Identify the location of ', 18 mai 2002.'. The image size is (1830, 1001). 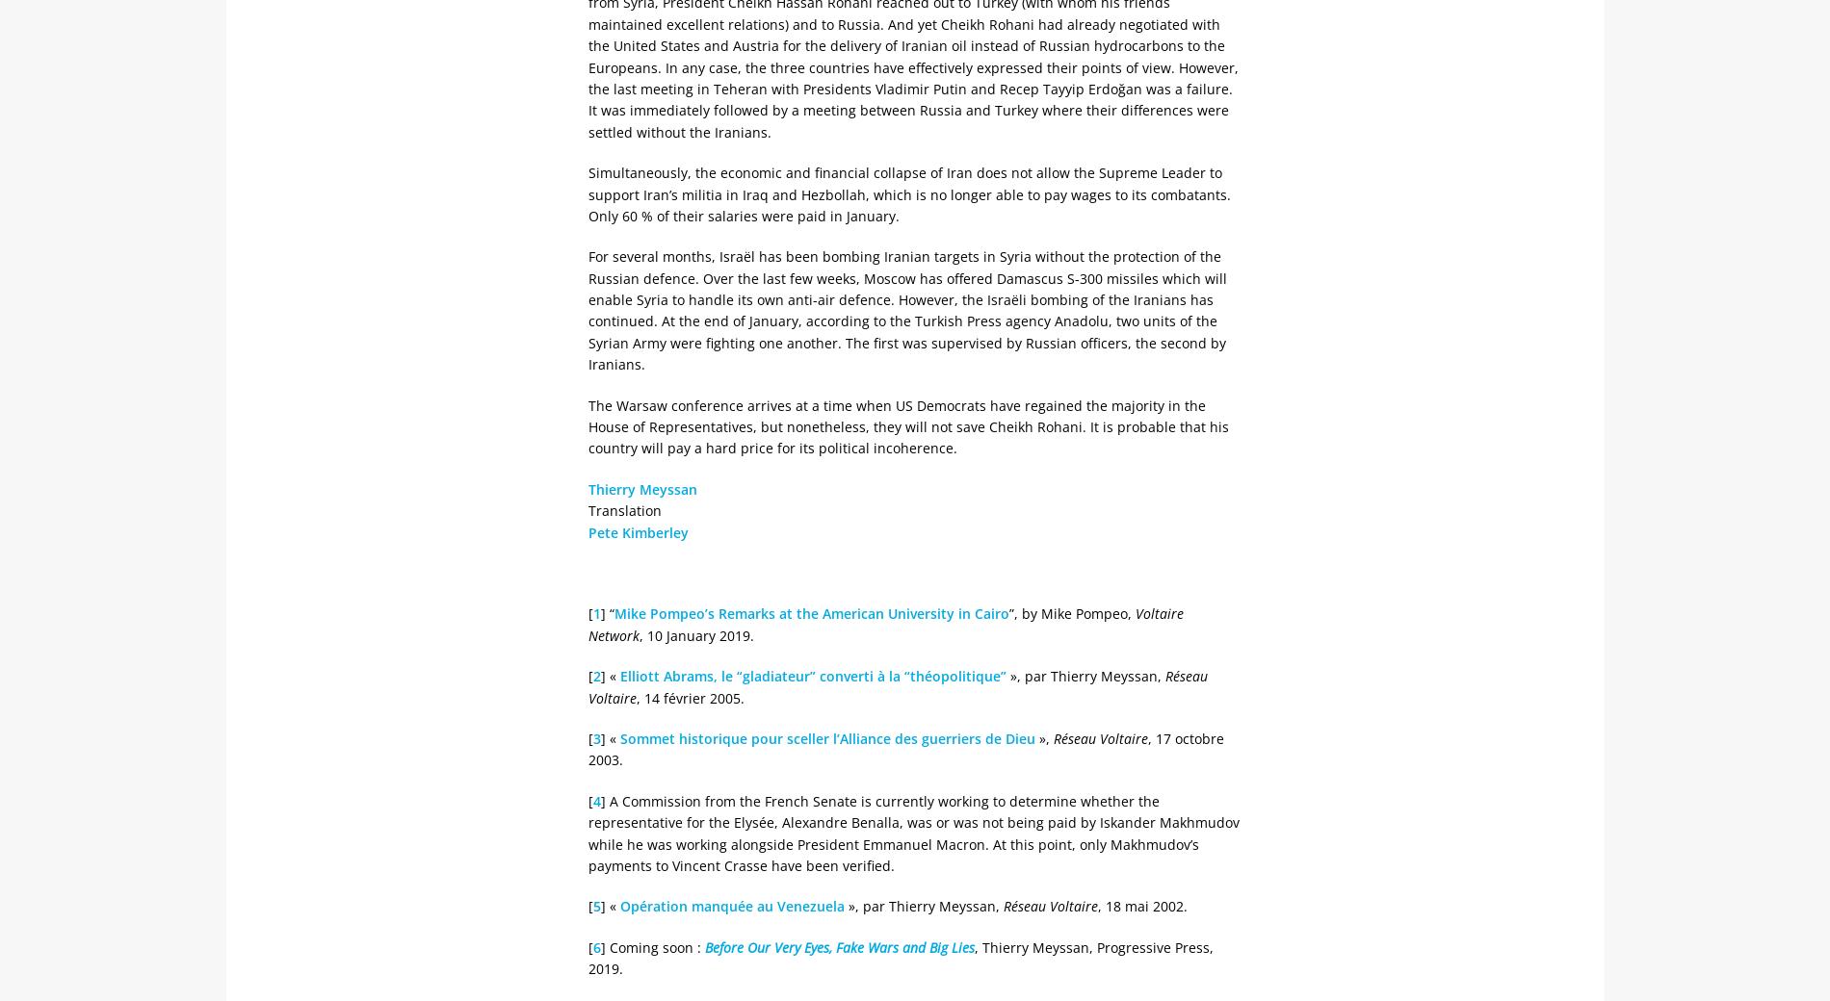
(1098, 906).